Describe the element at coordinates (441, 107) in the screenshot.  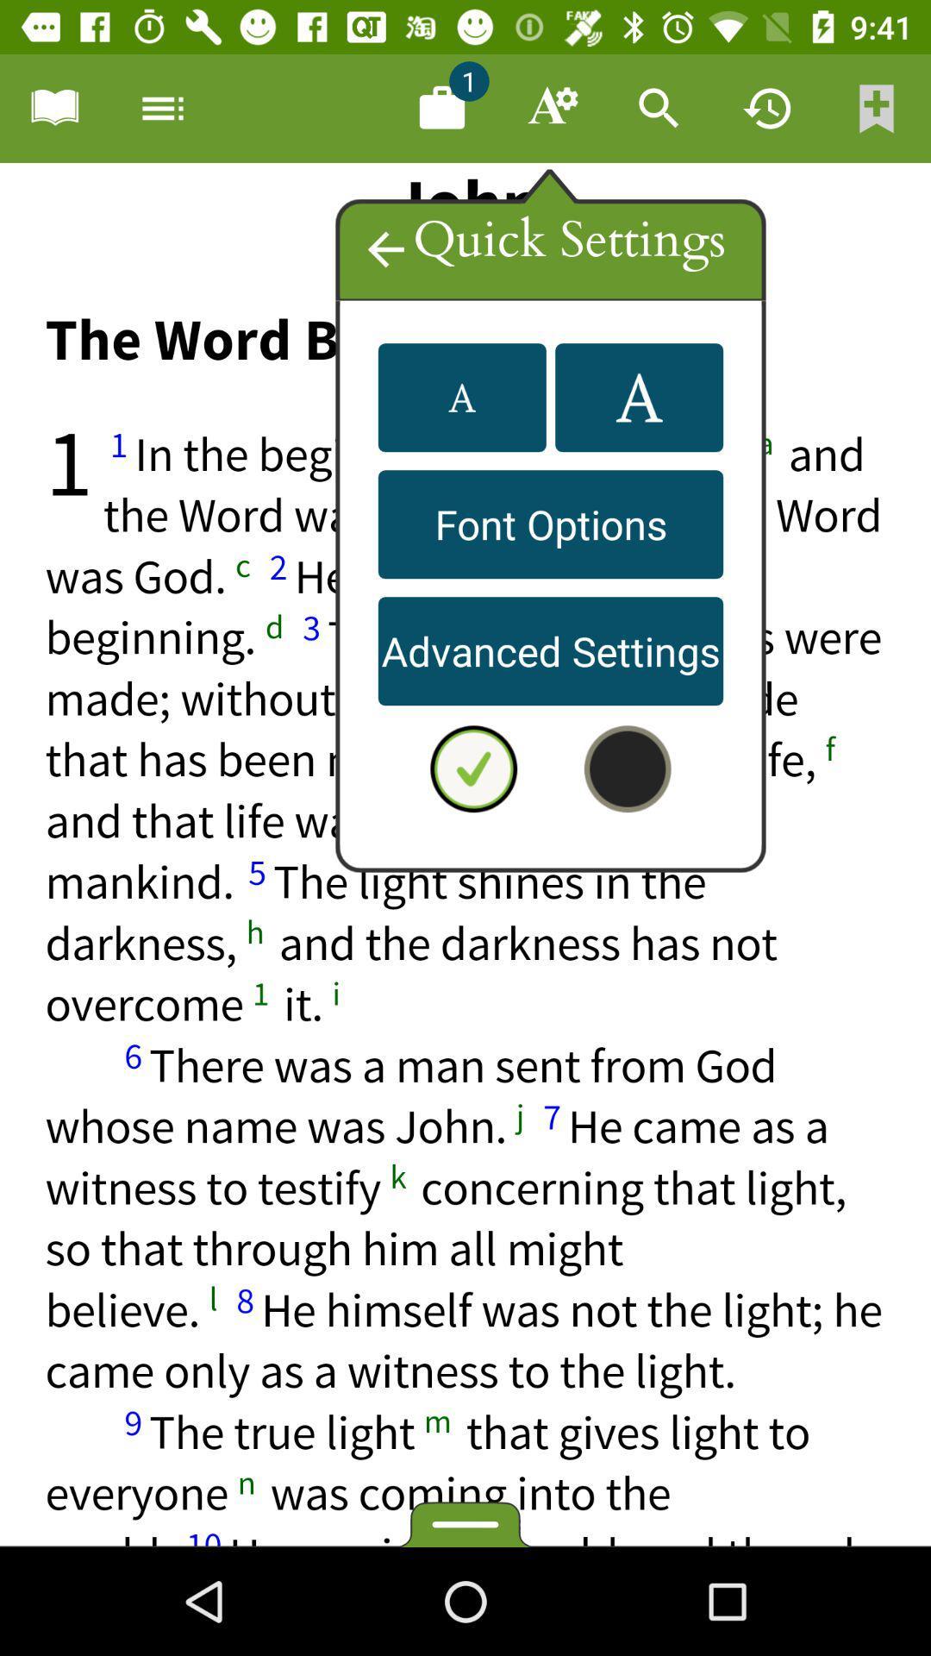
I see `goto message` at that location.